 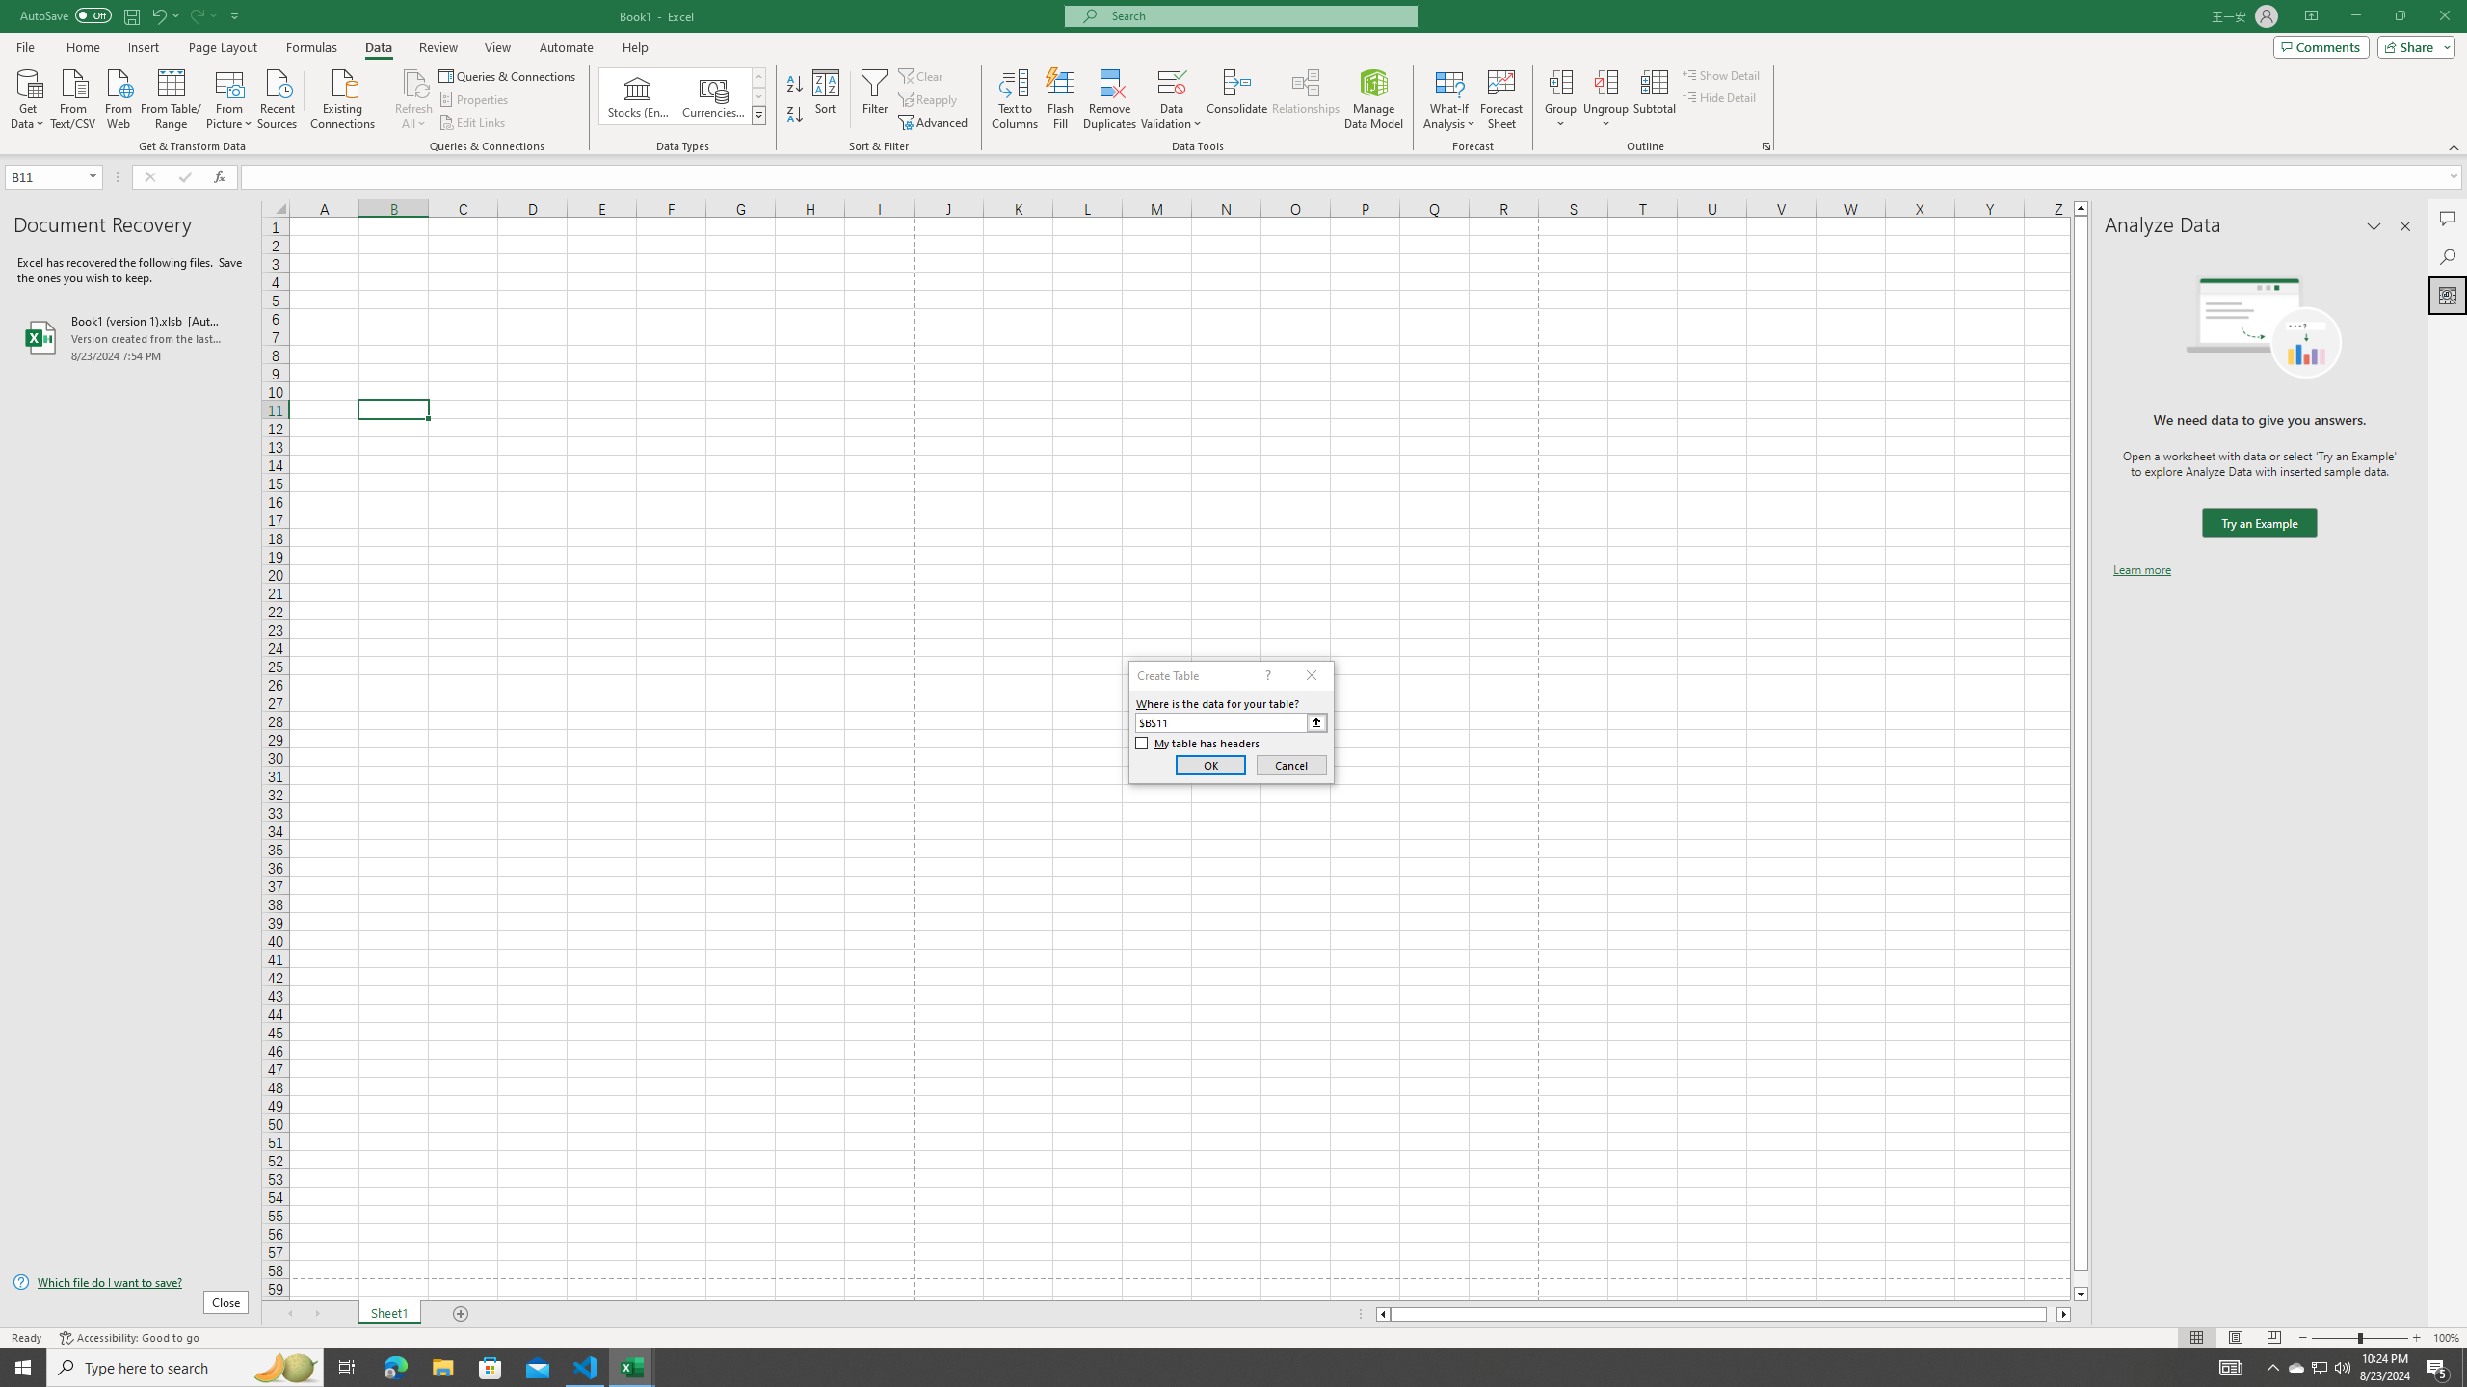 What do you see at coordinates (413, 99) in the screenshot?
I see `'Refresh All'` at bounding box center [413, 99].